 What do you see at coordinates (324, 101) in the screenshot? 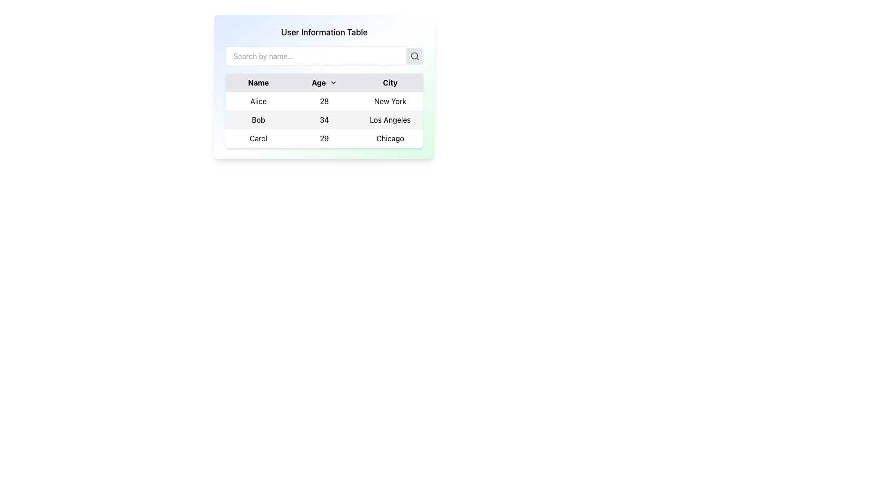
I see `the table cell in the 'Age' column corresponding to user 'Alice'` at bounding box center [324, 101].